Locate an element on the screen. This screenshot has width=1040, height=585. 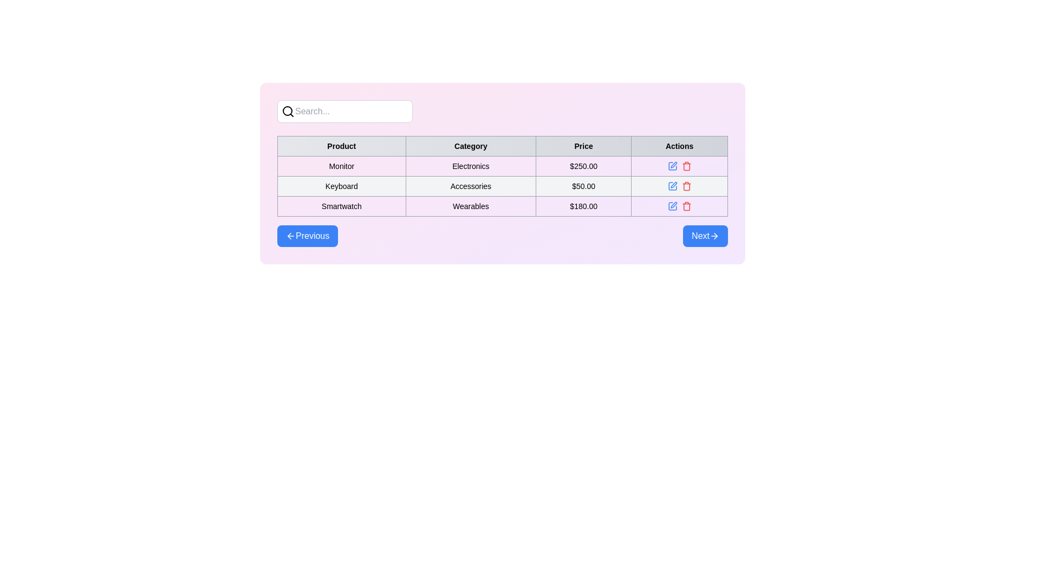
the price text label for the Smartwatch, which is located in the third item of the 'Price' column in the table is located at coordinates (583, 206).